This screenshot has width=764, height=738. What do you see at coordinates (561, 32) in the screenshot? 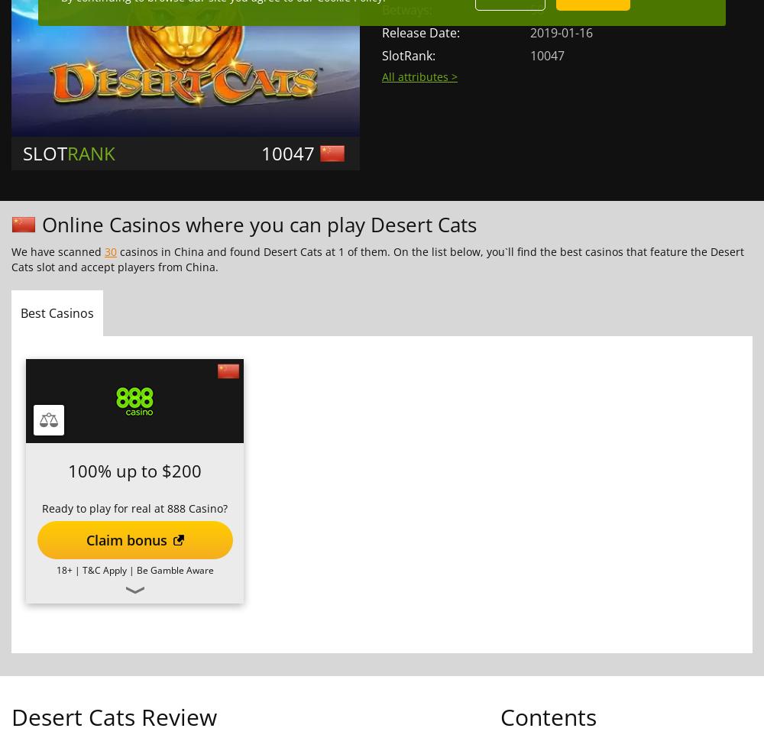
I see `'2019-01-16'` at bounding box center [561, 32].